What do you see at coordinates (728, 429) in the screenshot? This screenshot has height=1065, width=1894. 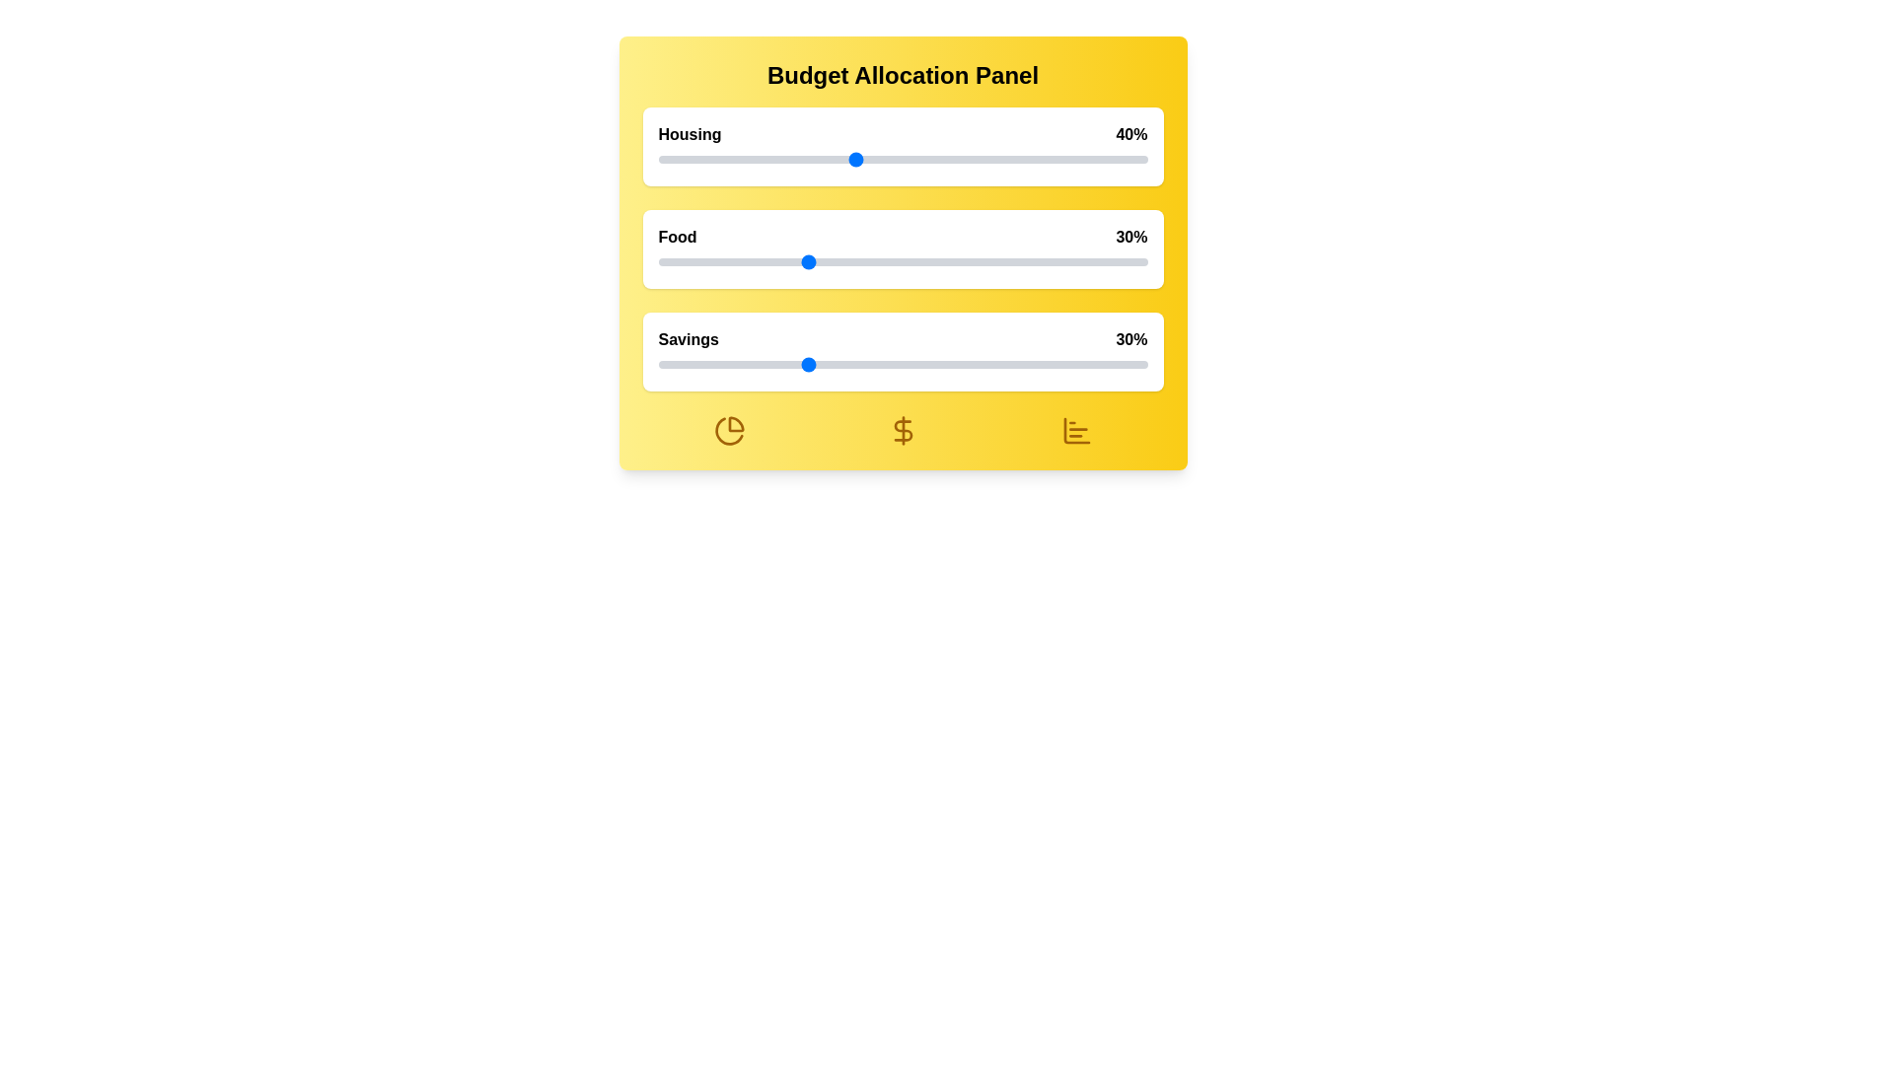 I see `the pie chart icon located at the bottom of the yellow background panel` at bounding box center [728, 429].